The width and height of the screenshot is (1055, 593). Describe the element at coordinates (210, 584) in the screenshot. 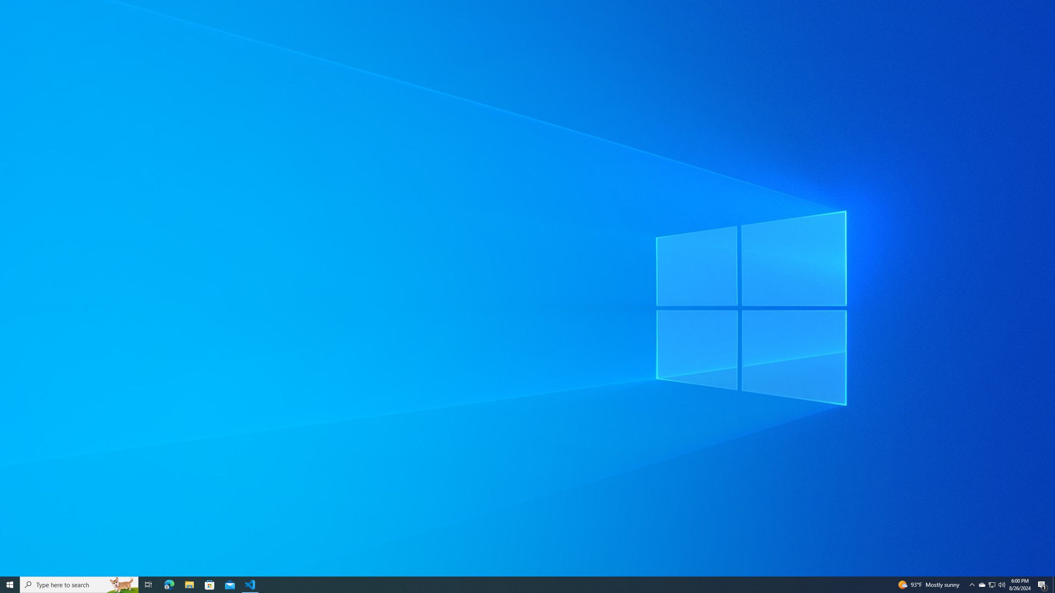

I see `'Microsoft Store'` at that location.